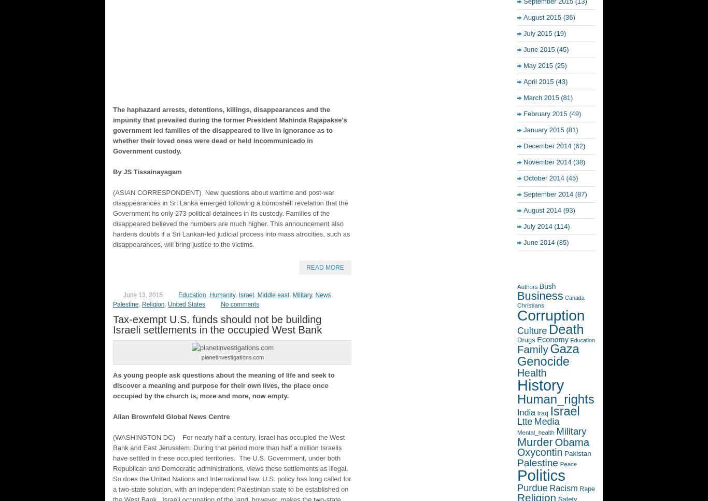 The image size is (708, 501). What do you see at coordinates (549, 349) in the screenshot?
I see `'Gaza'` at bounding box center [549, 349].